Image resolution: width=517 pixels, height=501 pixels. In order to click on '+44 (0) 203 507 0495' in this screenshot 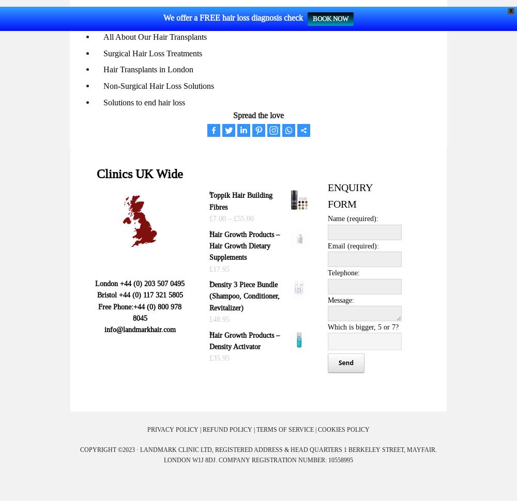, I will do `click(152, 282)`.